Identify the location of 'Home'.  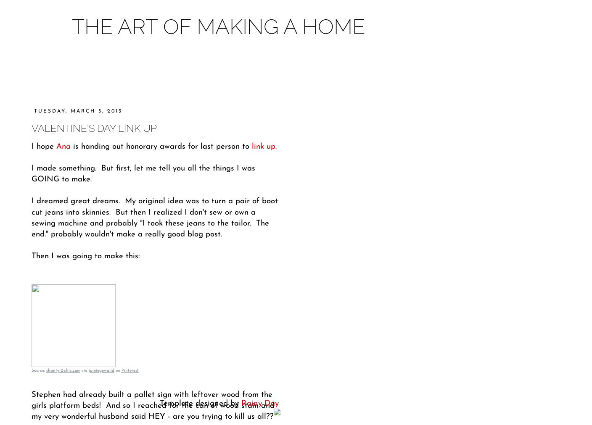
(148, 71).